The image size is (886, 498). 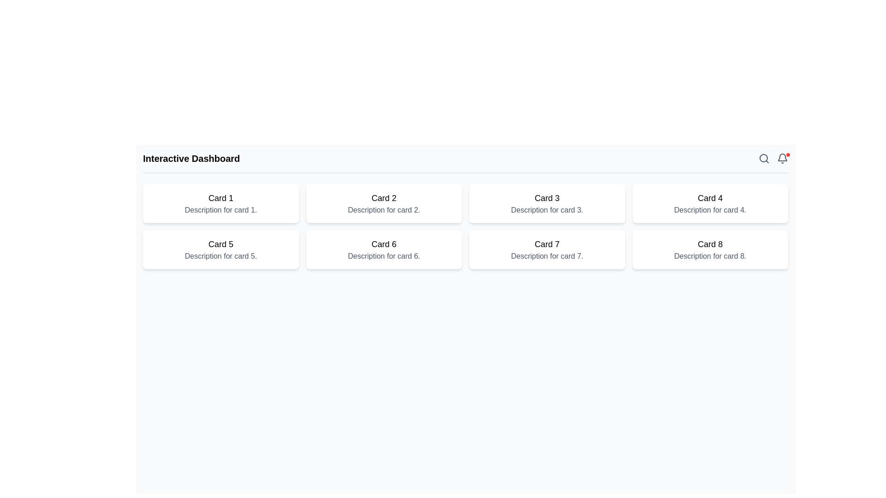 I want to click on the second card in the grid layout, which is positioned in the top row, second column, adjacent to 'Card 1' on the left and 'Card 3' on the right, so click(x=384, y=203).